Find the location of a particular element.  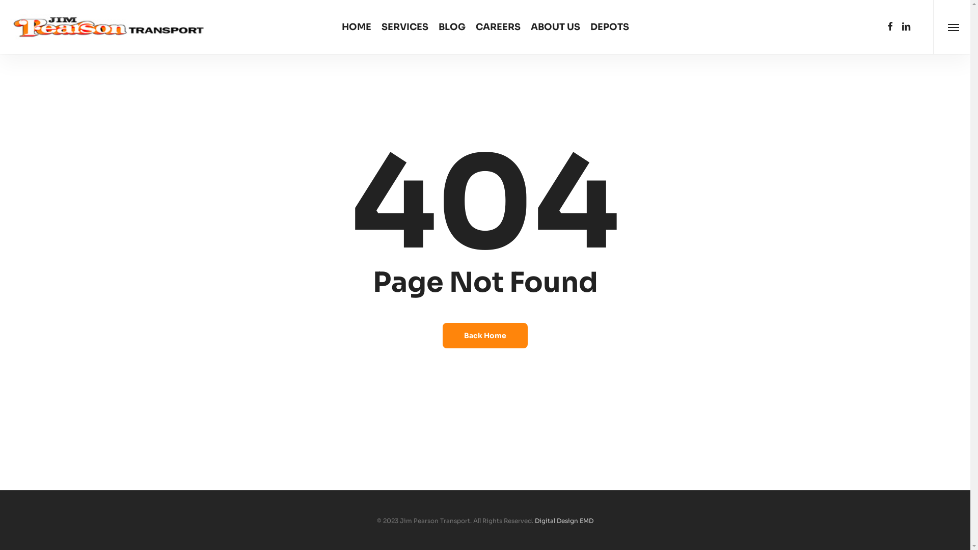

'BLOG' is located at coordinates (432, 26).